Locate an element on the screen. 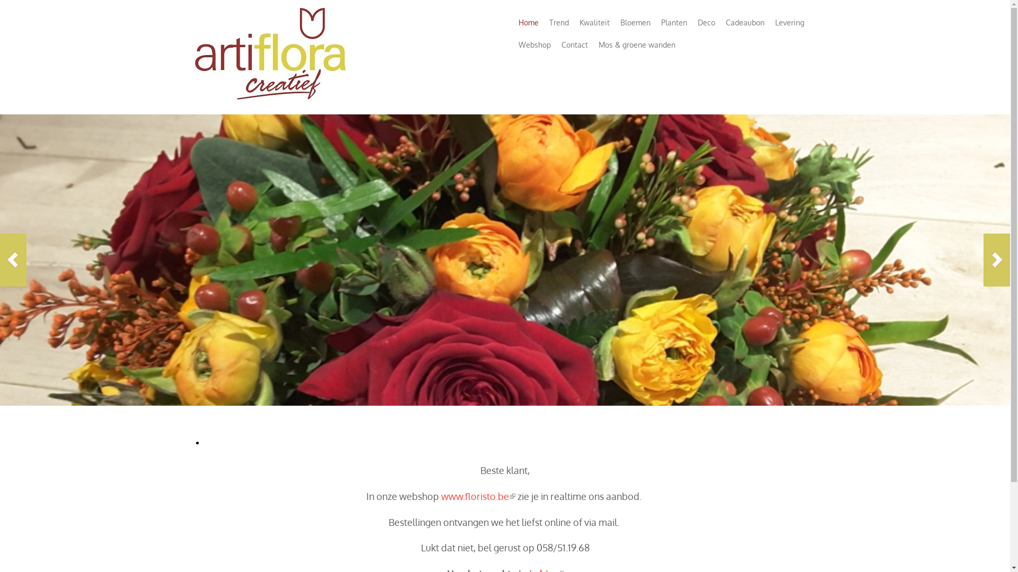 This screenshot has width=1018, height=572. 'Kwaliteit' is located at coordinates (594, 22).